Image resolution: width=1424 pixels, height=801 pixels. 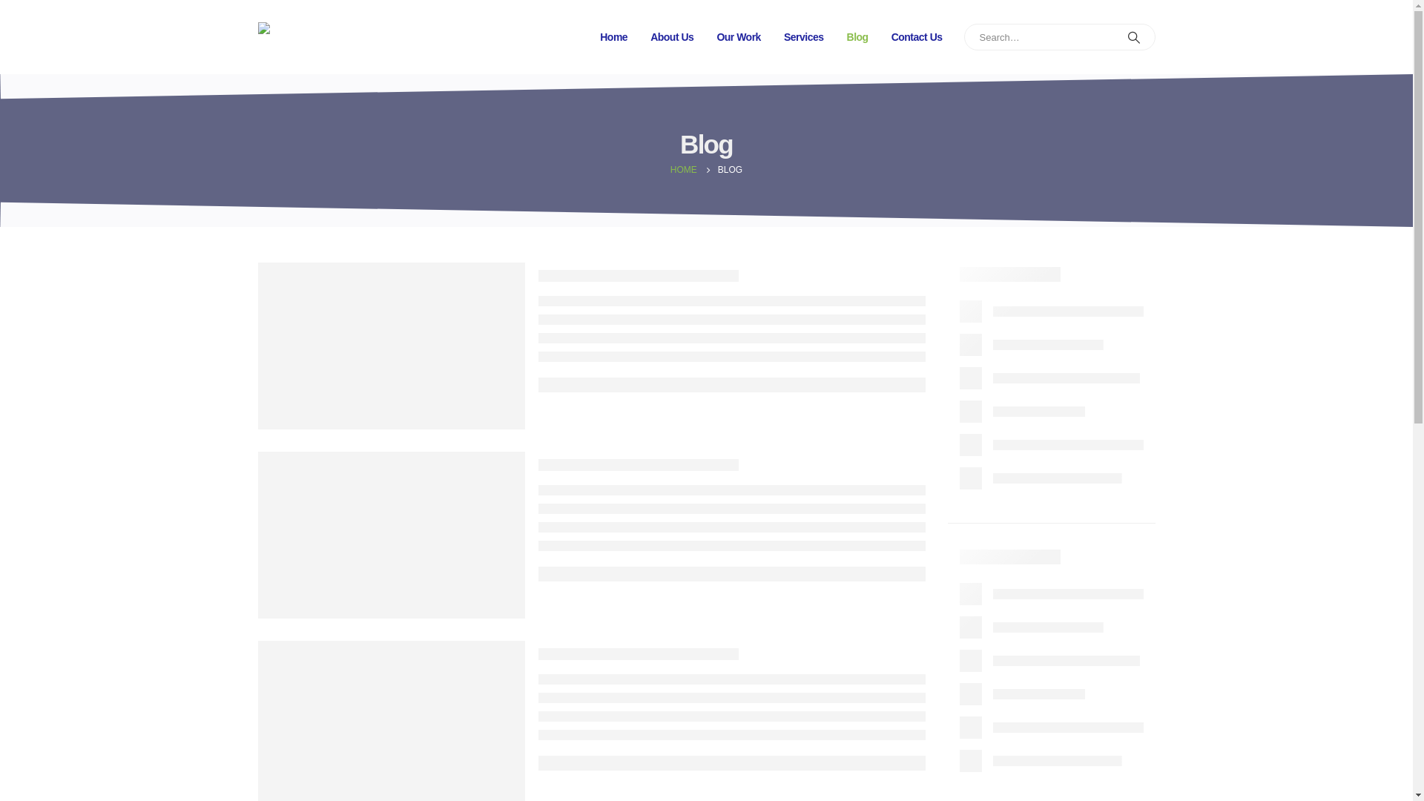 I want to click on 'HOME', so click(x=682, y=168).